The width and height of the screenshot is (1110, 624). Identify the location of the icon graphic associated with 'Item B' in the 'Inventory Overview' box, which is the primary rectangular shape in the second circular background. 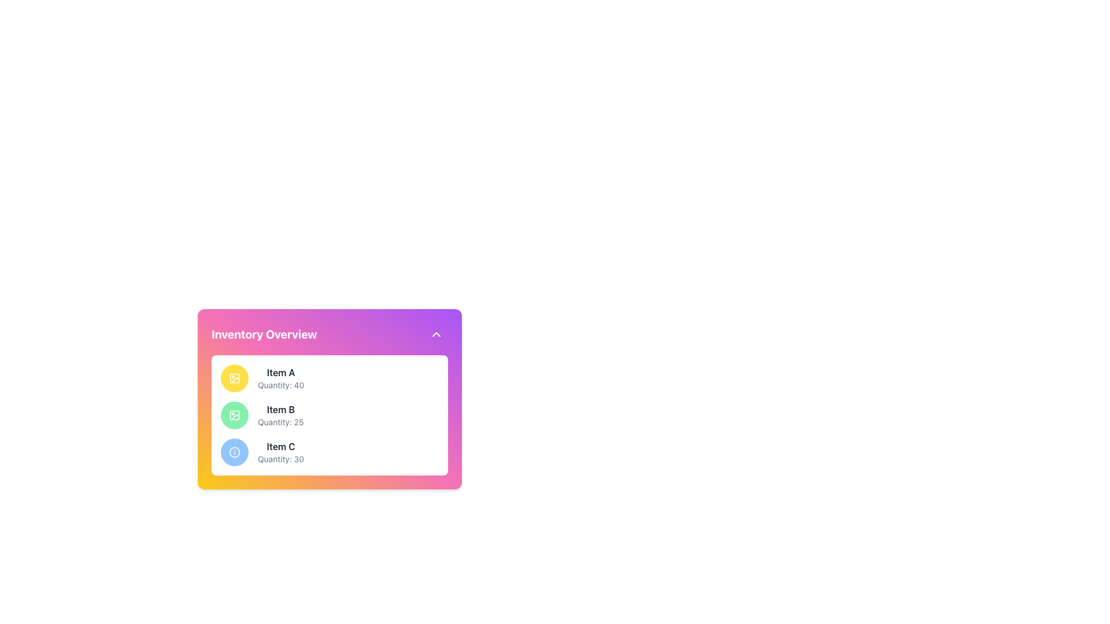
(234, 414).